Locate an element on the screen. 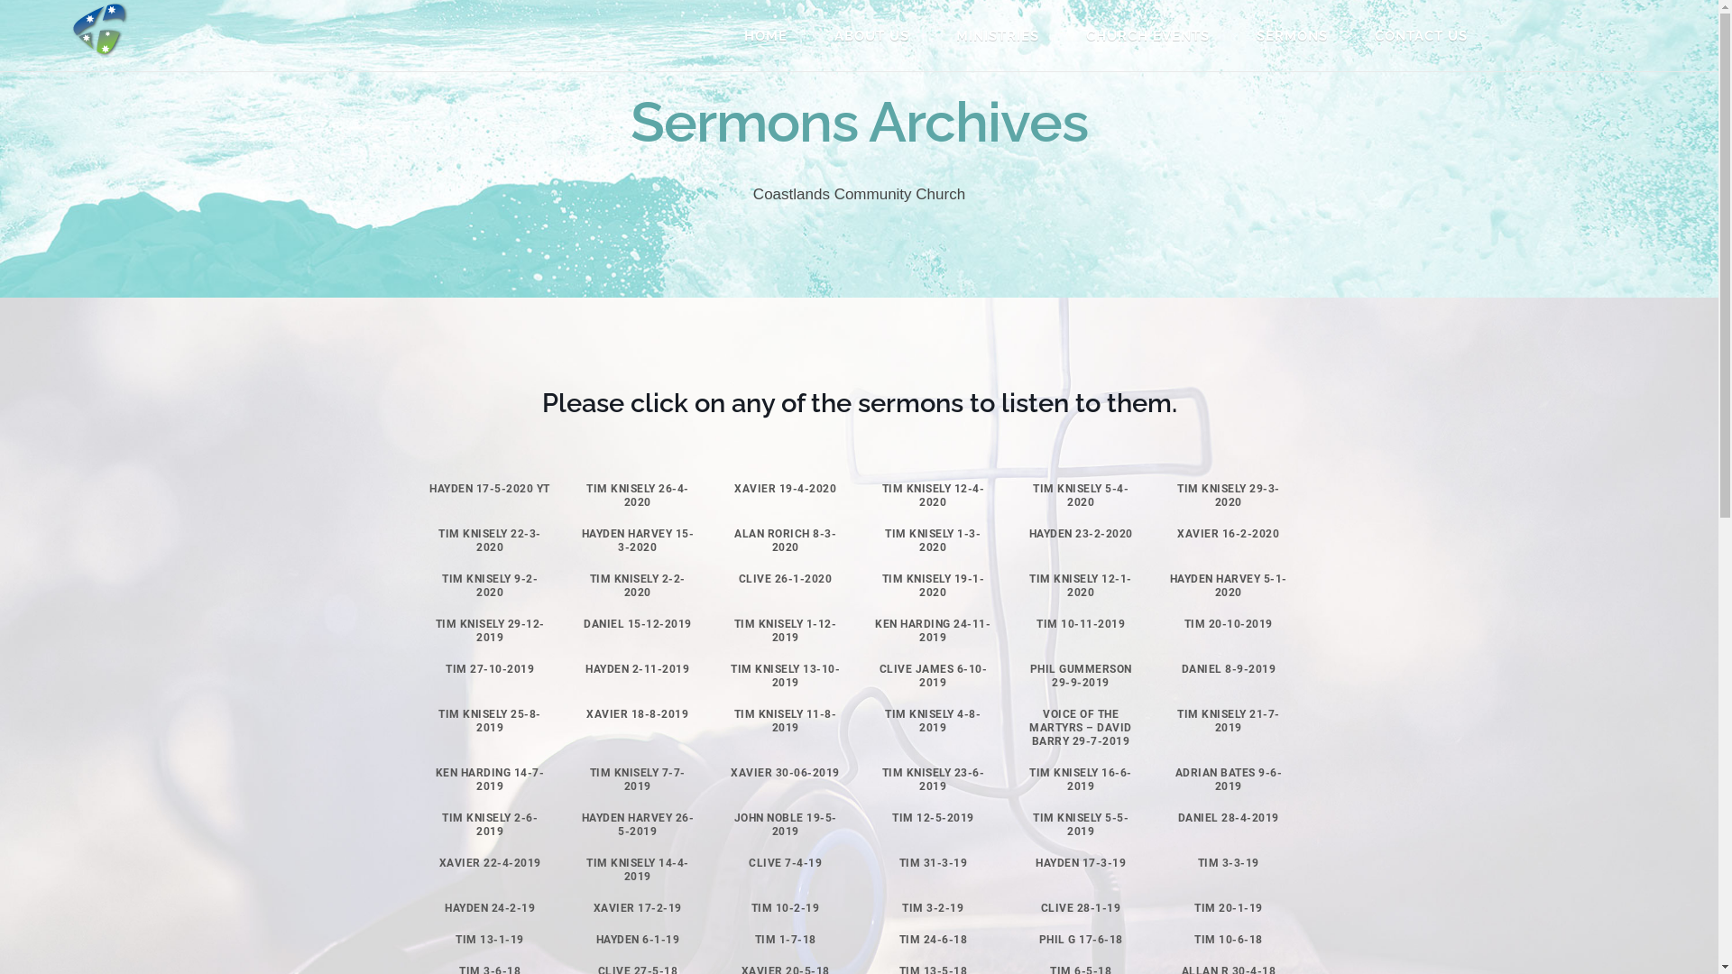 The height and width of the screenshot is (974, 1732). 'HAYDEN HARVEY 15-3-2020' is located at coordinates (638, 539).